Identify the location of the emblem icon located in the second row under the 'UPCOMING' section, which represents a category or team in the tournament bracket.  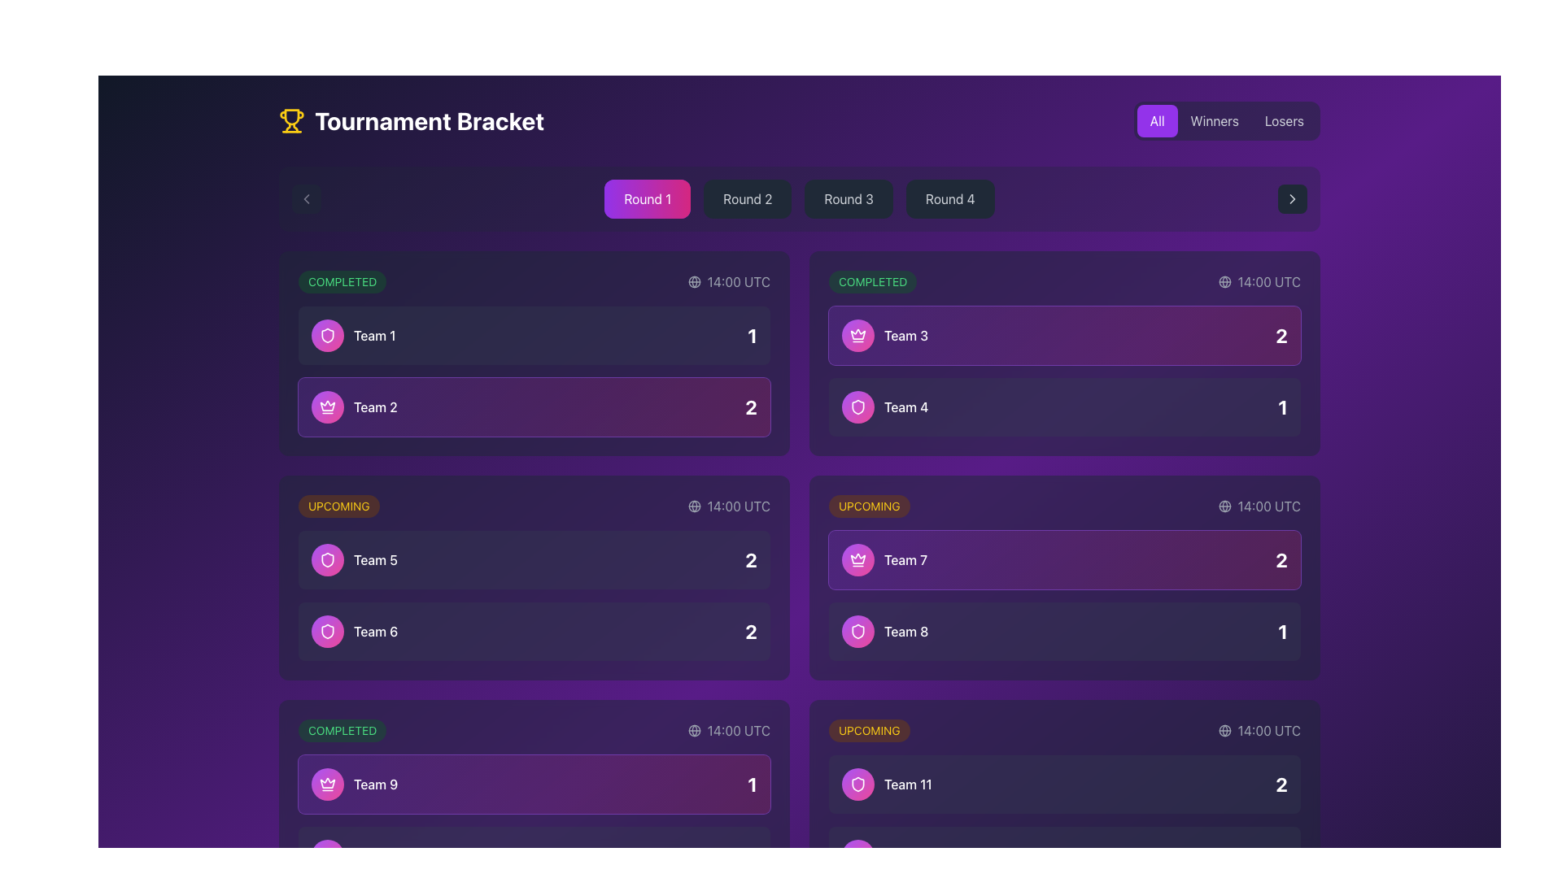
(327, 334).